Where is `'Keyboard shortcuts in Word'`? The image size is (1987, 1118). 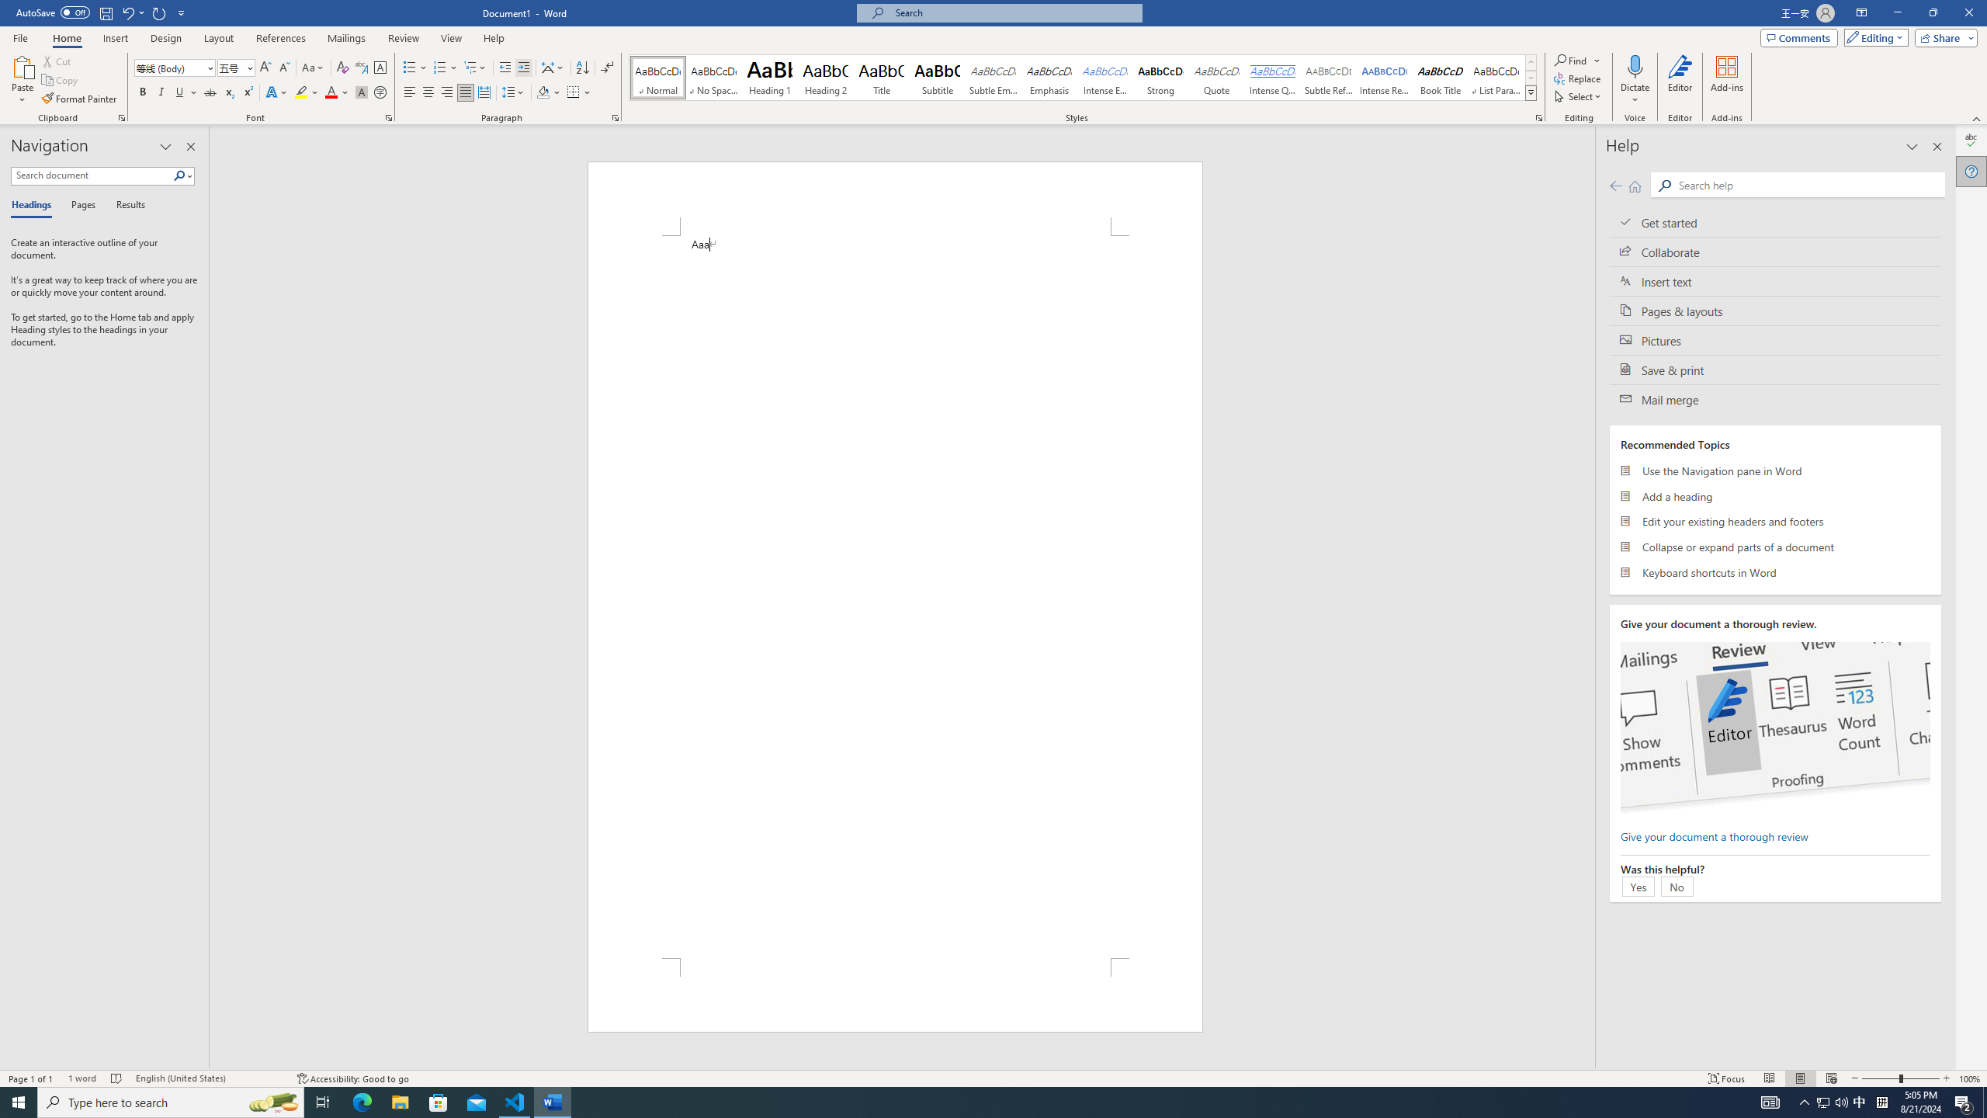 'Keyboard shortcuts in Word' is located at coordinates (1774, 571).